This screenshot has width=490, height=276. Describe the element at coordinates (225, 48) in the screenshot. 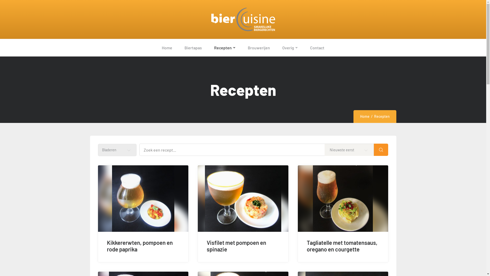

I see `'Recepten'` at that location.